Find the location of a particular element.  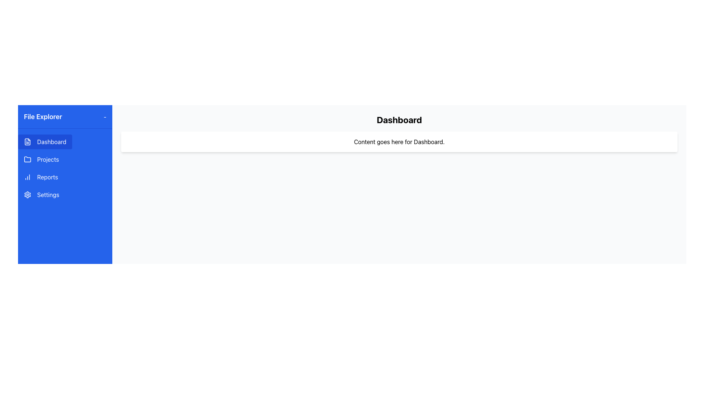

the 'Projects' icon in the sidebar menu to visually represent the section for quick identification is located at coordinates (28, 159).